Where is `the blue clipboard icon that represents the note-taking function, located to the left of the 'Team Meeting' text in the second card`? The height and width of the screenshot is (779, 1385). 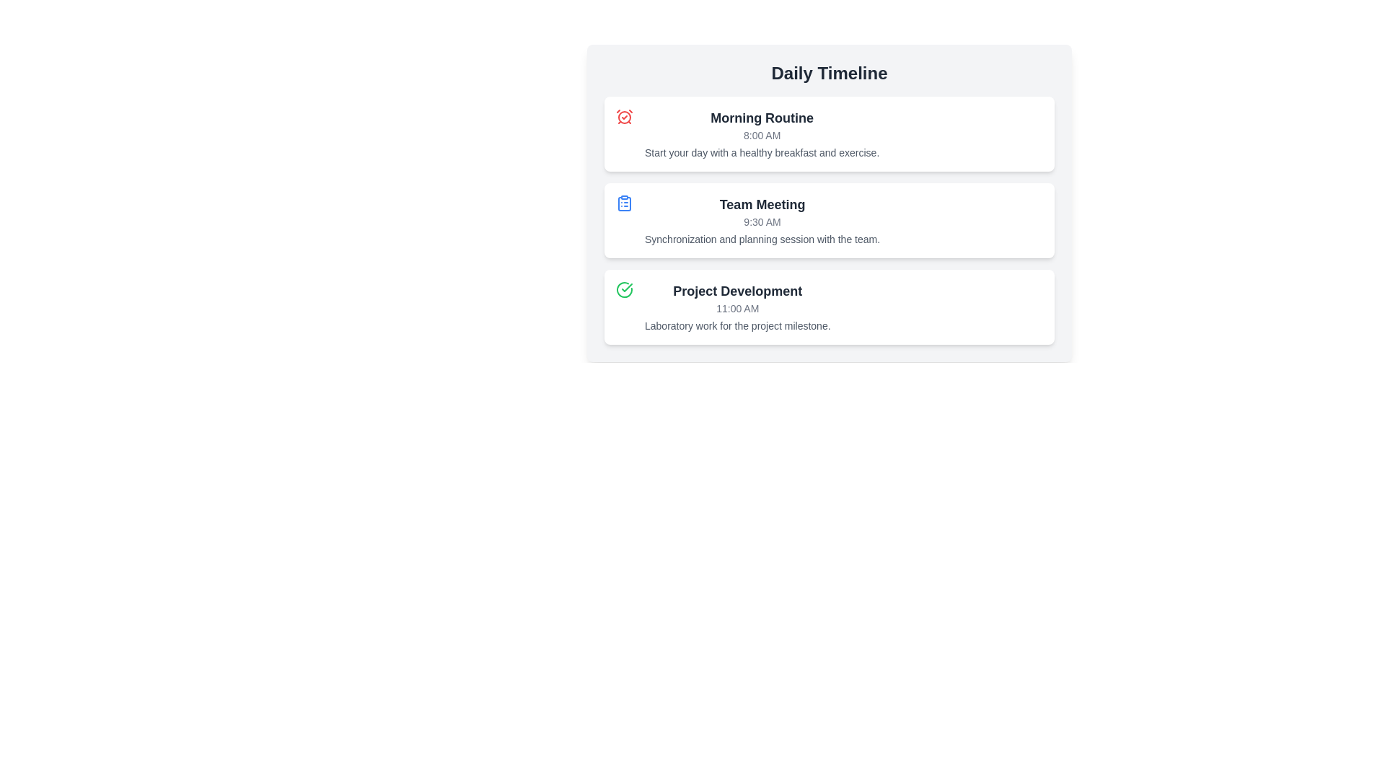
the blue clipboard icon that represents the note-taking function, located to the left of the 'Team Meeting' text in the second card is located at coordinates (624, 203).